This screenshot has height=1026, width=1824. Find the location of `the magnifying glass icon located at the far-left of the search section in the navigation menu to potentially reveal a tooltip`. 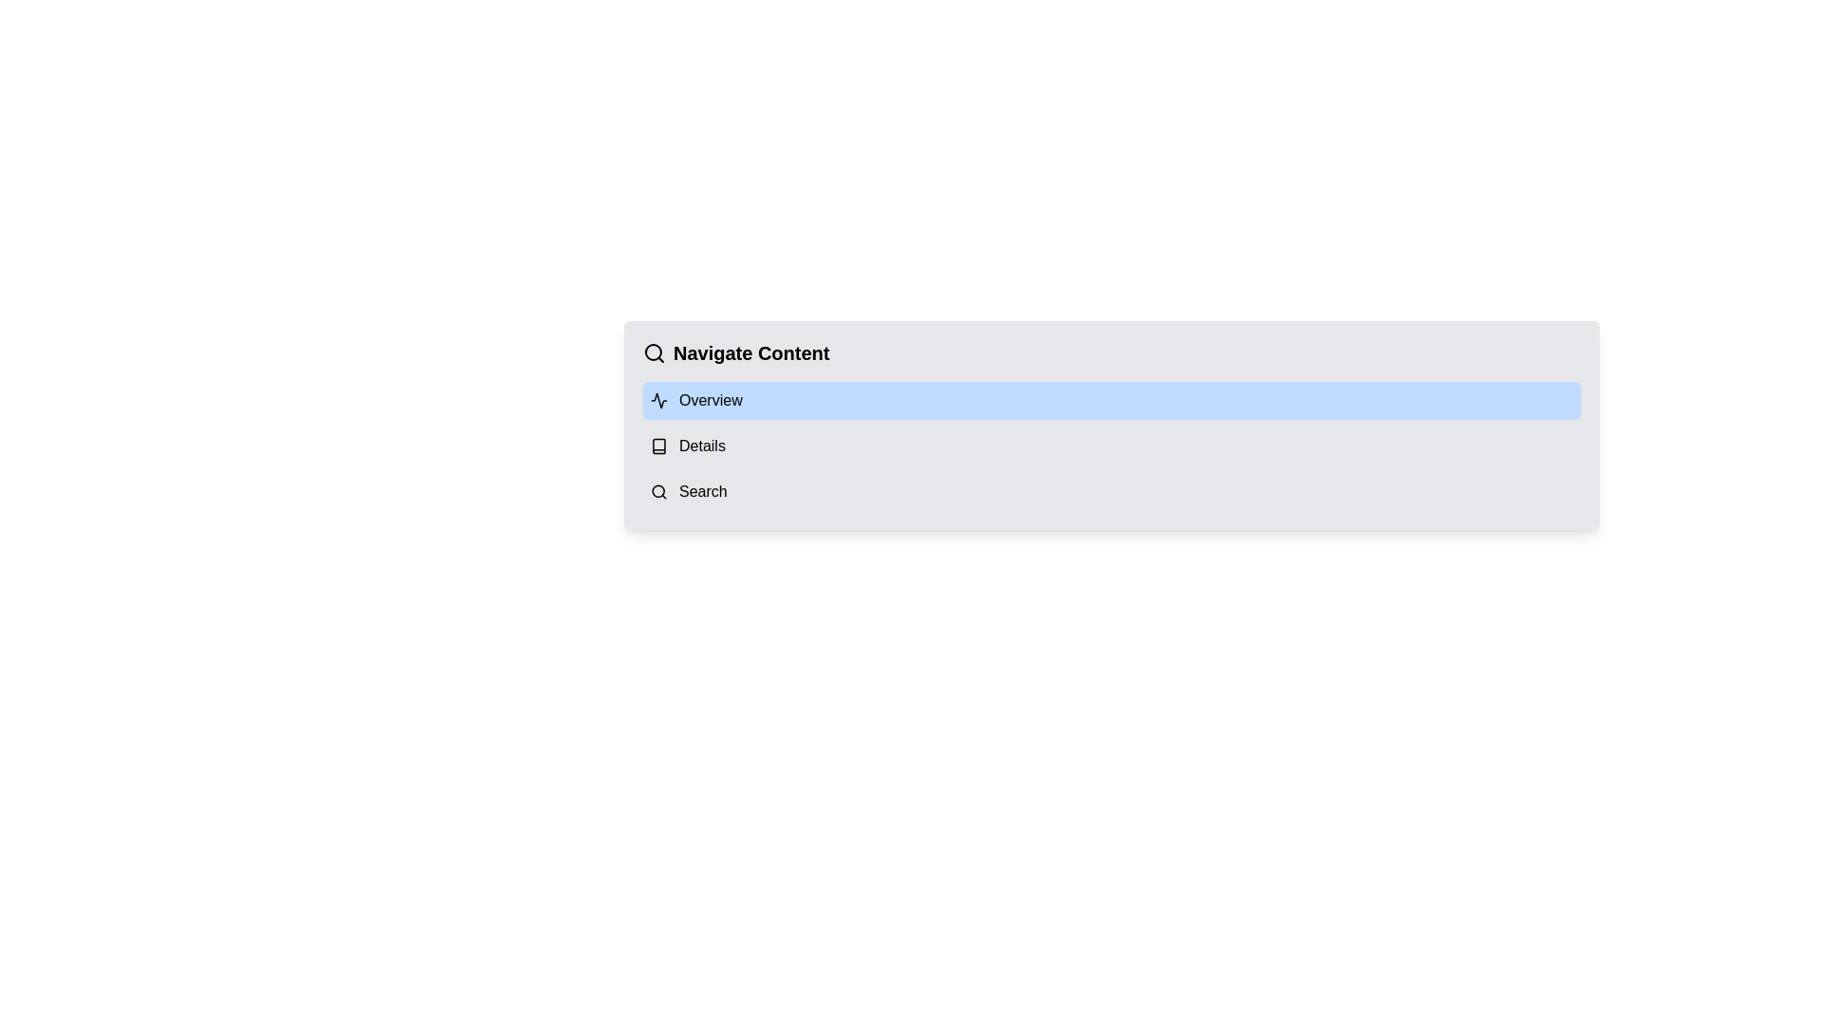

the magnifying glass icon located at the far-left of the search section in the navigation menu to potentially reveal a tooltip is located at coordinates (659, 490).